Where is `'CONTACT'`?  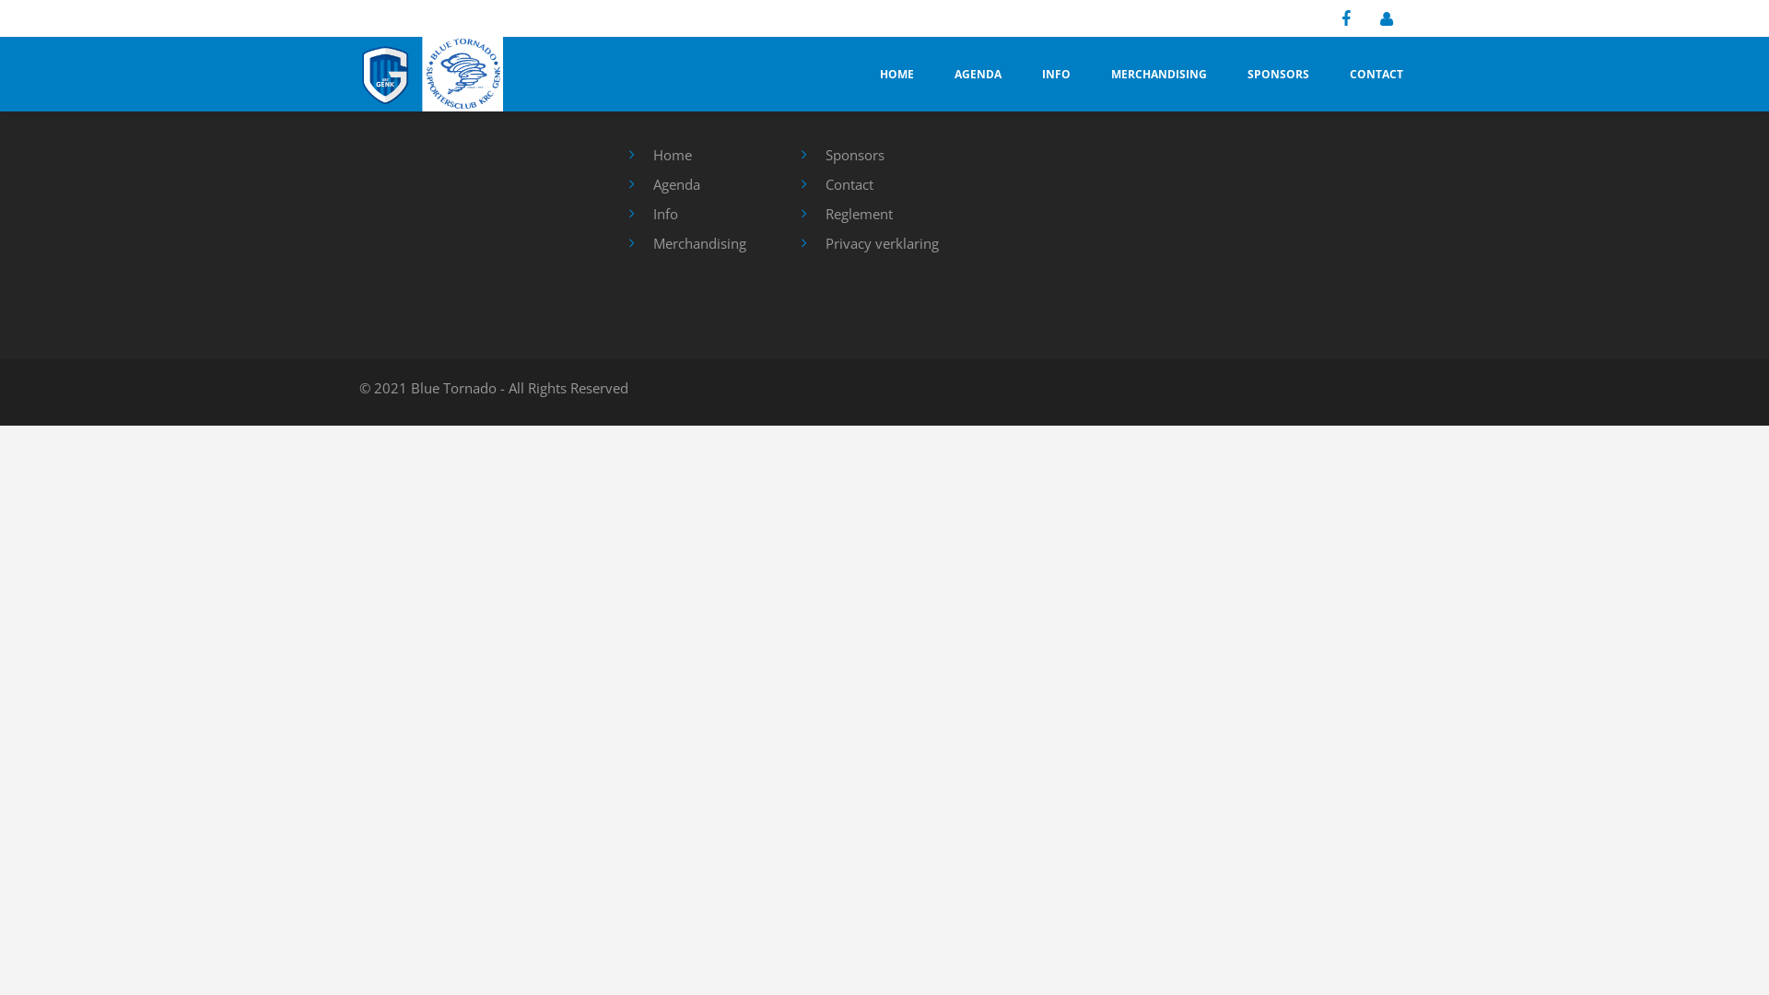 'CONTACT' is located at coordinates (1376, 73).